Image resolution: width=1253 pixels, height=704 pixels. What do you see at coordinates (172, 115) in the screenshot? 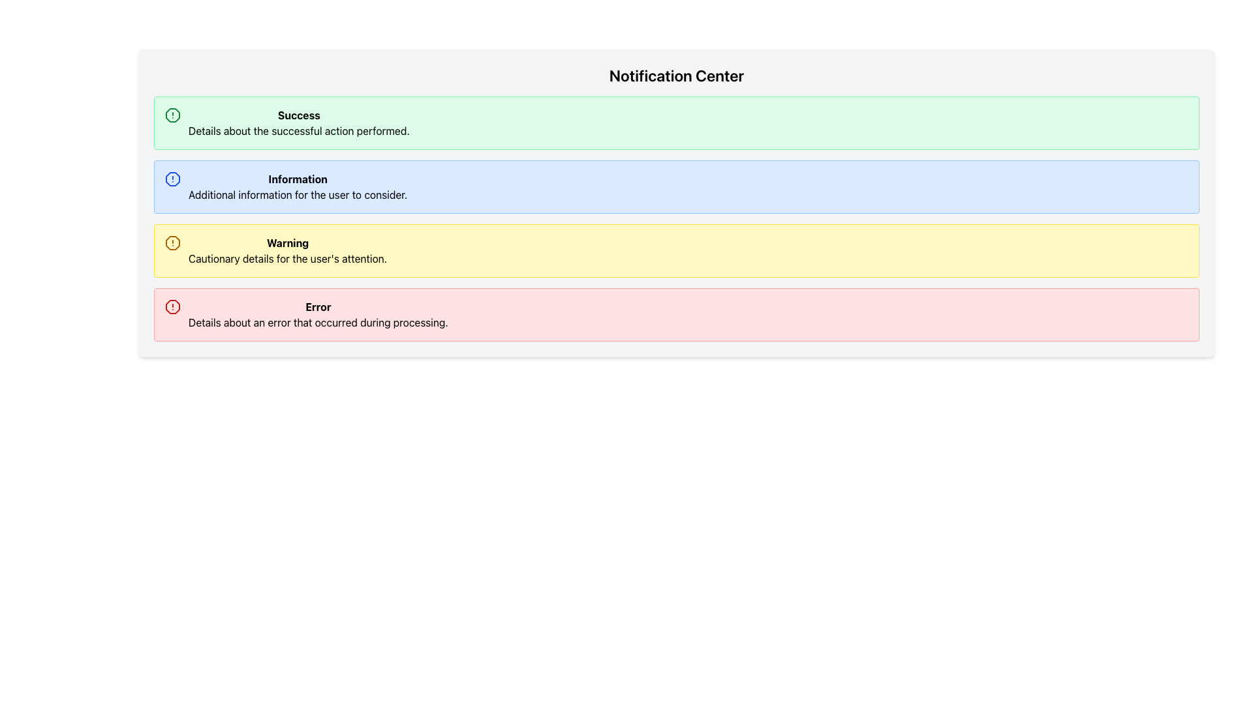
I see `'Success' status icon located at the top-left corner of the green notification panel under the 'Notification Center' heading, positioned to the left of the bold text 'Success'` at bounding box center [172, 115].